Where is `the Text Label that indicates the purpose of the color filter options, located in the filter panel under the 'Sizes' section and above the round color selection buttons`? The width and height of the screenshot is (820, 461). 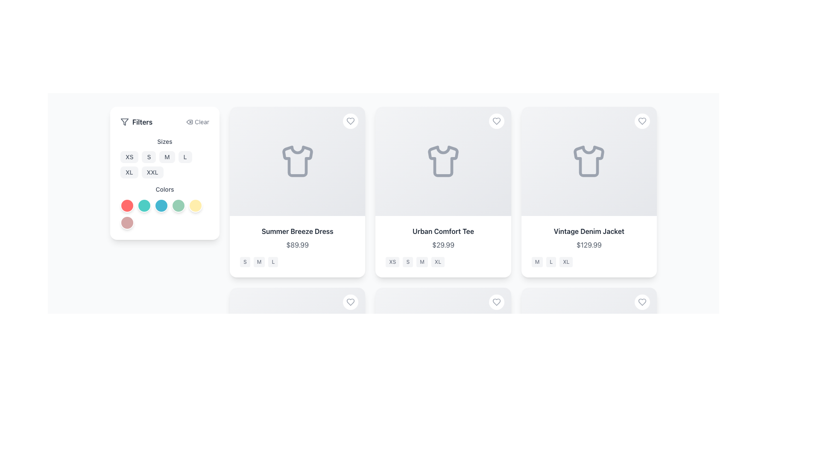
the Text Label that indicates the purpose of the color filter options, located in the filter panel under the 'Sizes' section and above the round color selection buttons is located at coordinates (164, 189).